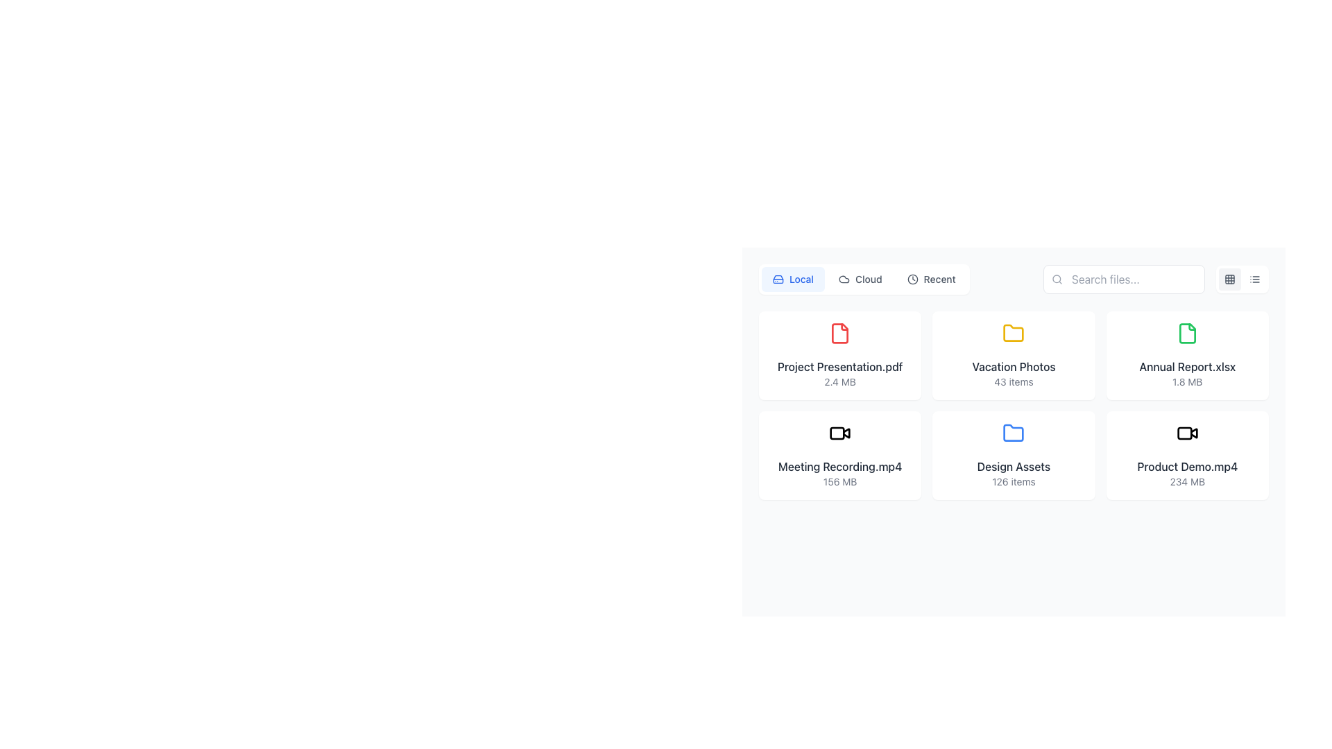 The image size is (1332, 749). Describe the element at coordinates (912, 279) in the screenshot. I see `the small clock icon located on the left side of the 'Recent' button at the top center of the interface for visual guidance` at that location.